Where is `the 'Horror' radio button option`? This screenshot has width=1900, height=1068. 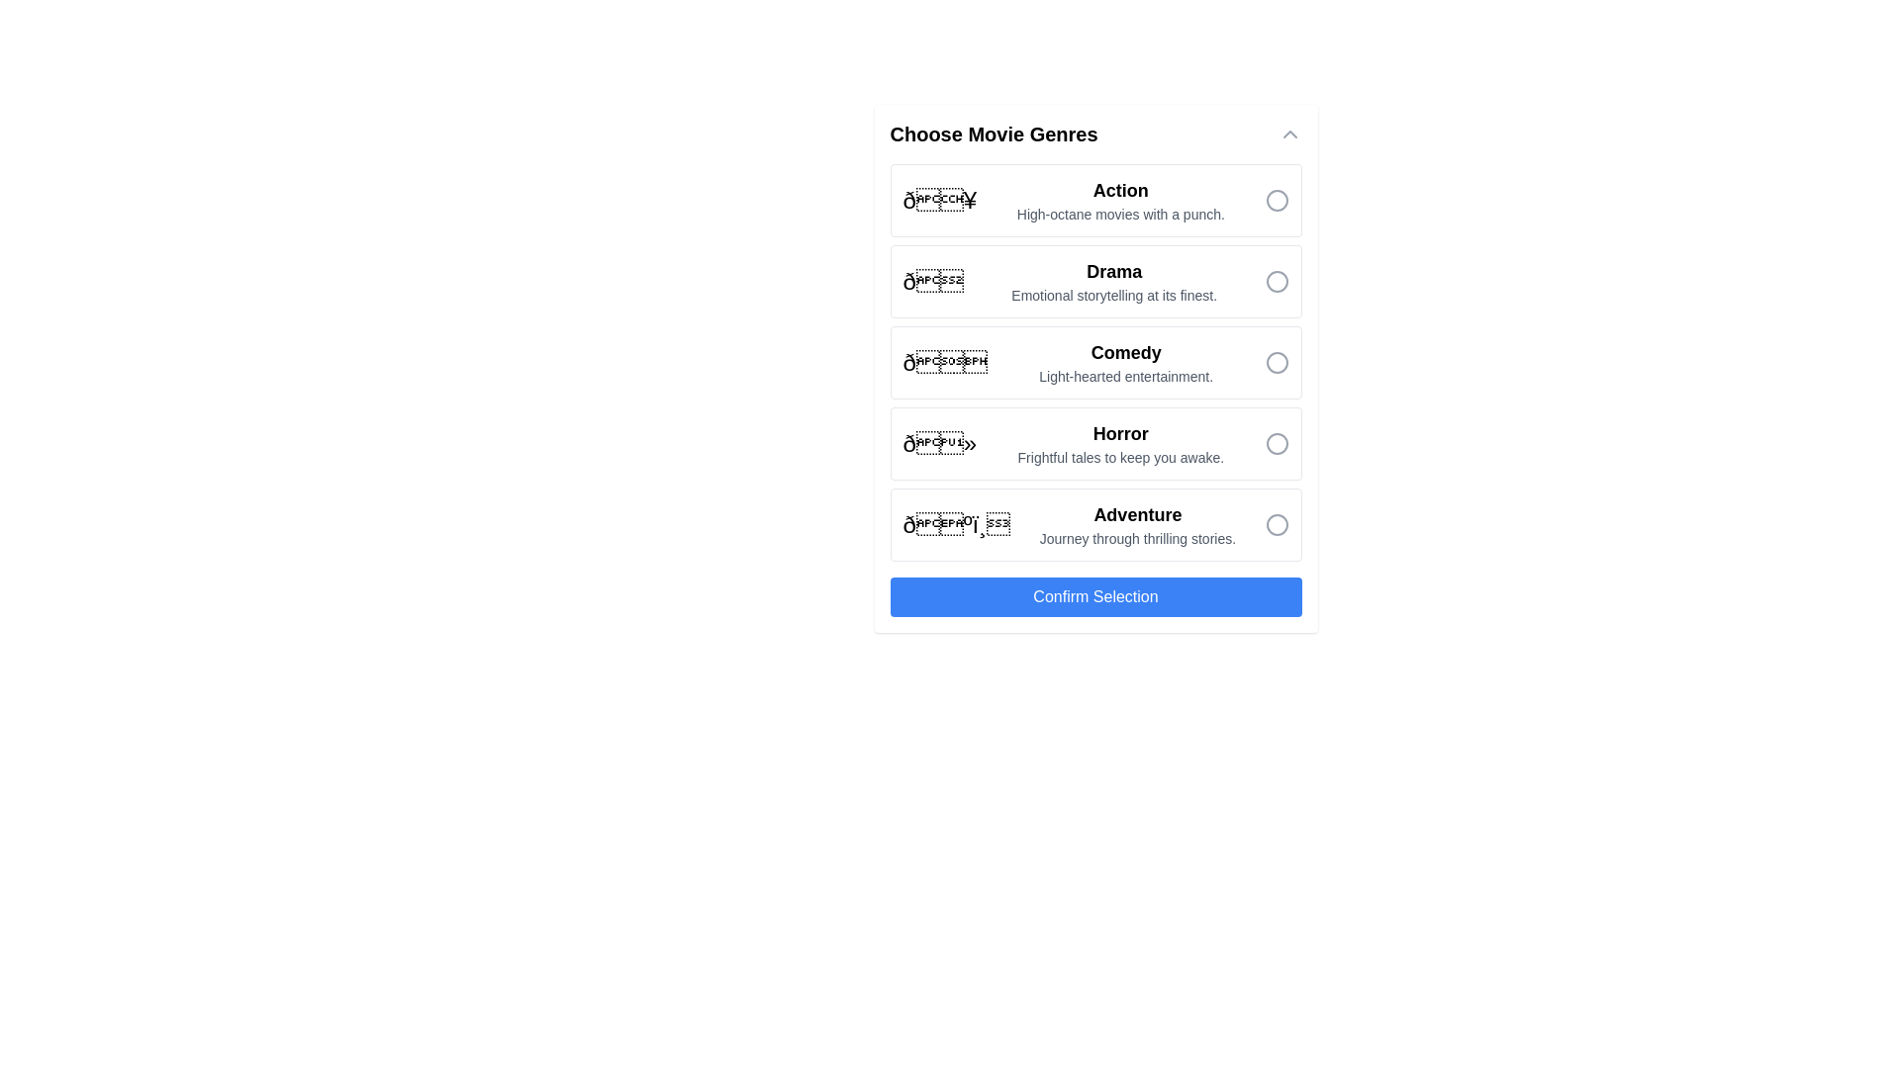
the 'Horror' radio button option is located at coordinates (1094, 442).